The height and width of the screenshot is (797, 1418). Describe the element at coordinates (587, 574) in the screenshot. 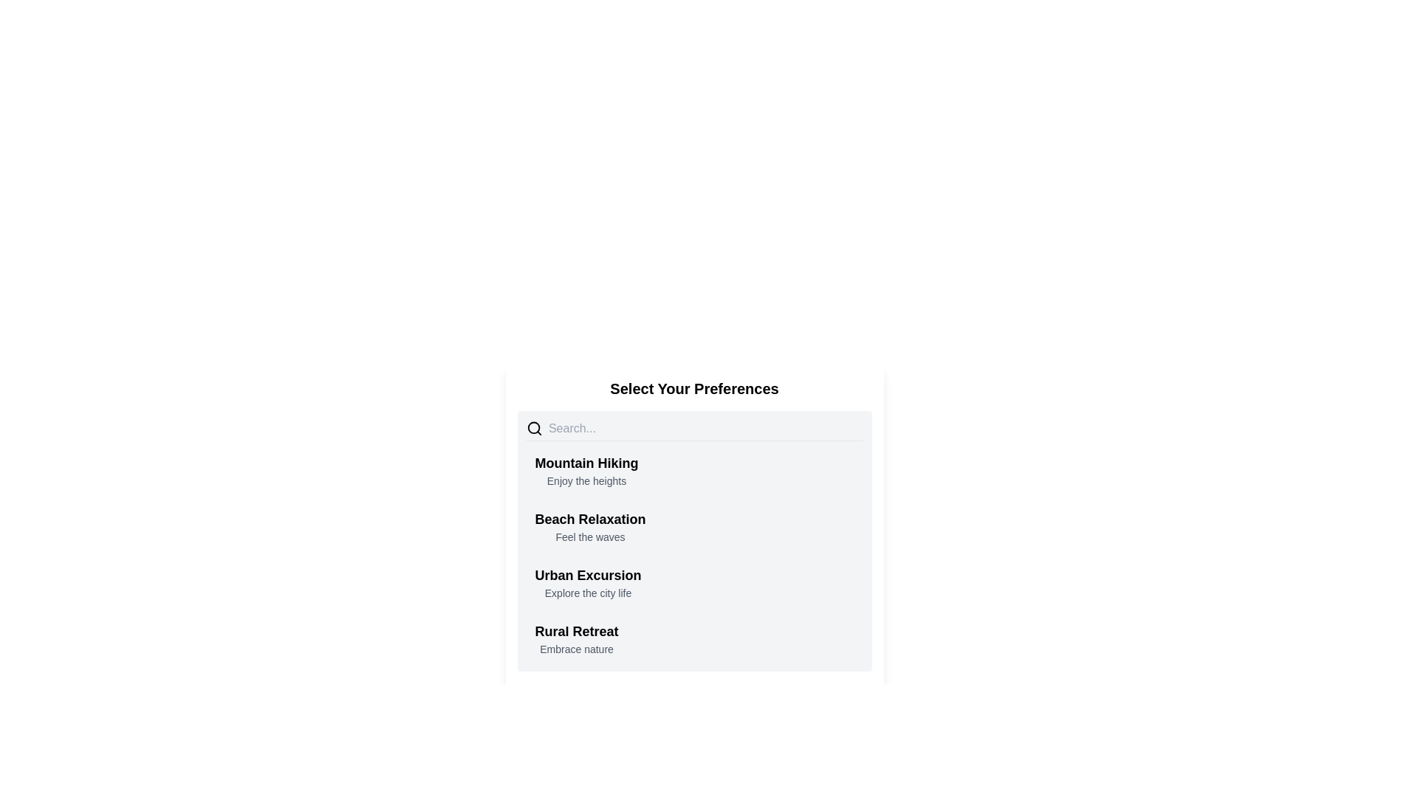

I see `the text label that serves as the title for a selectable item related to urban-themed activities, located under 'Select Your Preferences.'` at that location.